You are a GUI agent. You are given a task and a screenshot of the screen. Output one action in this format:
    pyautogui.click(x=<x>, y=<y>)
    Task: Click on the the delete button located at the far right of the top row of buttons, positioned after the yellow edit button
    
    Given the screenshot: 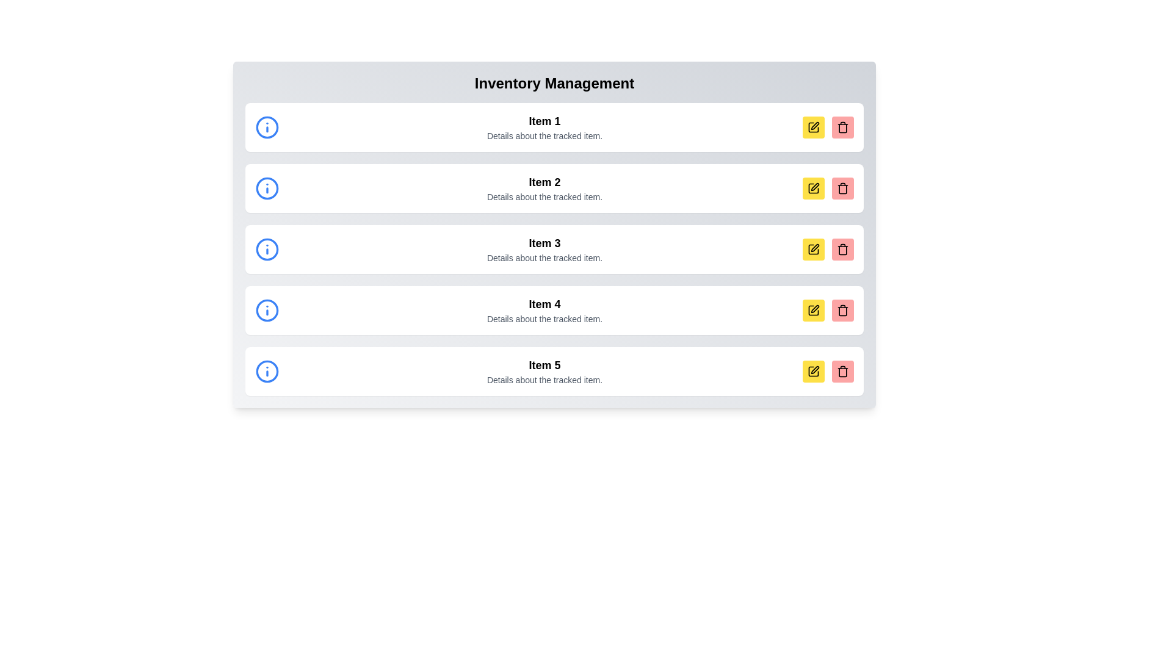 What is the action you would take?
    pyautogui.click(x=842, y=127)
    